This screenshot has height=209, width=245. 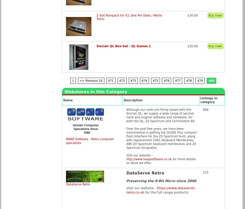 What do you see at coordinates (144, 192) in the screenshot?
I see `'for the full range products'` at bounding box center [144, 192].